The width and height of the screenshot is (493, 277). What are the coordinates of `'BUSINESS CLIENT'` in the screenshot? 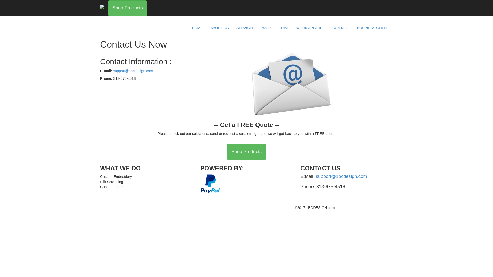 It's located at (353, 28).